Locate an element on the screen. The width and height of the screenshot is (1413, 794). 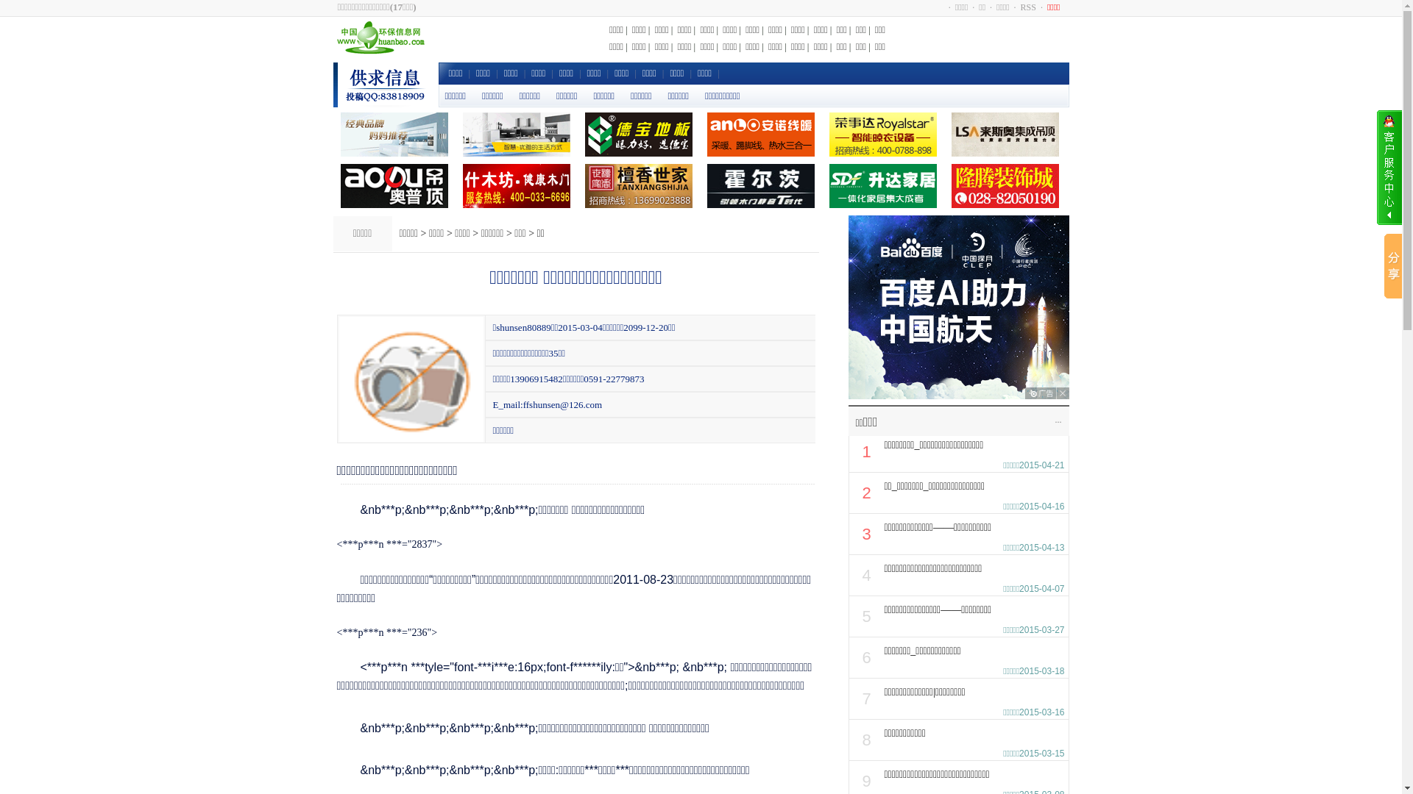
'...' is located at coordinates (1058, 419).